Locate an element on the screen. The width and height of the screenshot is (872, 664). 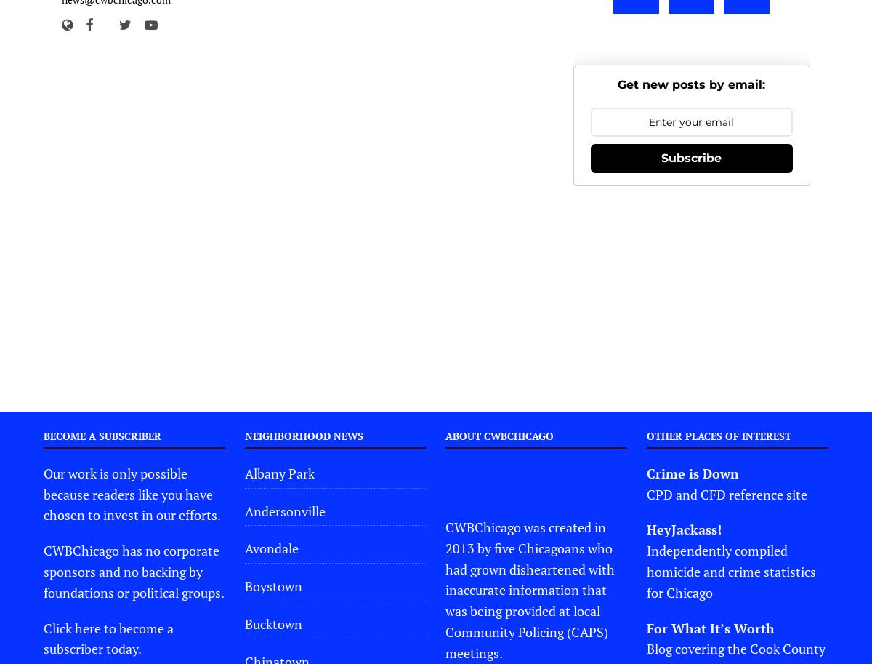
'Neighborhood News' is located at coordinates (303, 435).